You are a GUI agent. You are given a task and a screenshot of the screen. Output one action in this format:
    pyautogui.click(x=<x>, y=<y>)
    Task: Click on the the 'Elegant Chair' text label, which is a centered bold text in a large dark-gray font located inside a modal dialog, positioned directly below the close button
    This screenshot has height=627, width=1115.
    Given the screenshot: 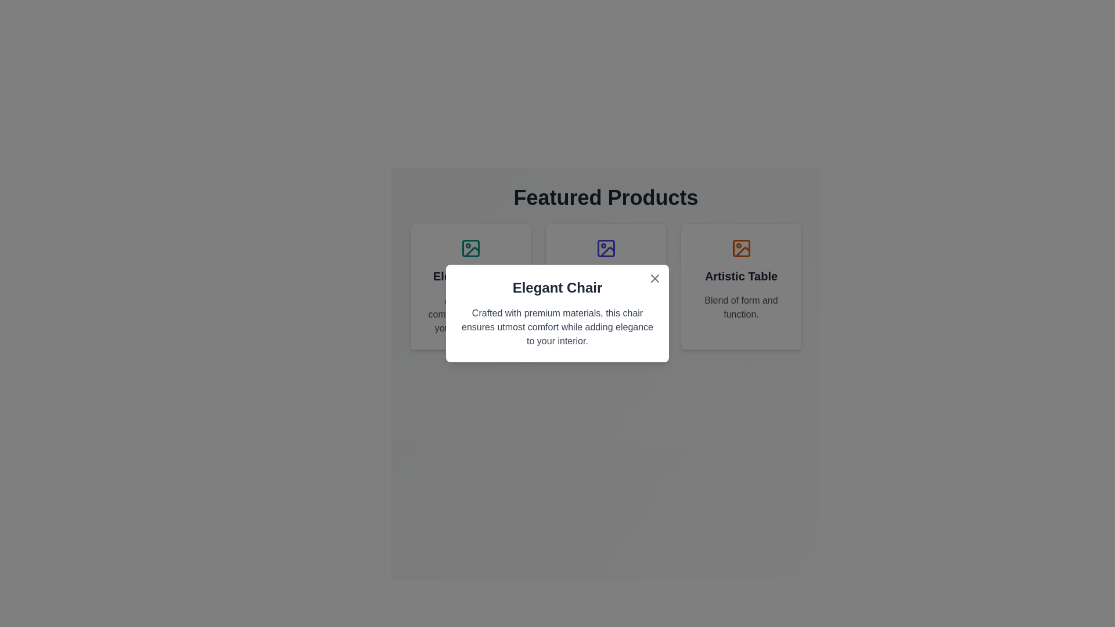 What is the action you would take?
    pyautogui.click(x=557, y=287)
    